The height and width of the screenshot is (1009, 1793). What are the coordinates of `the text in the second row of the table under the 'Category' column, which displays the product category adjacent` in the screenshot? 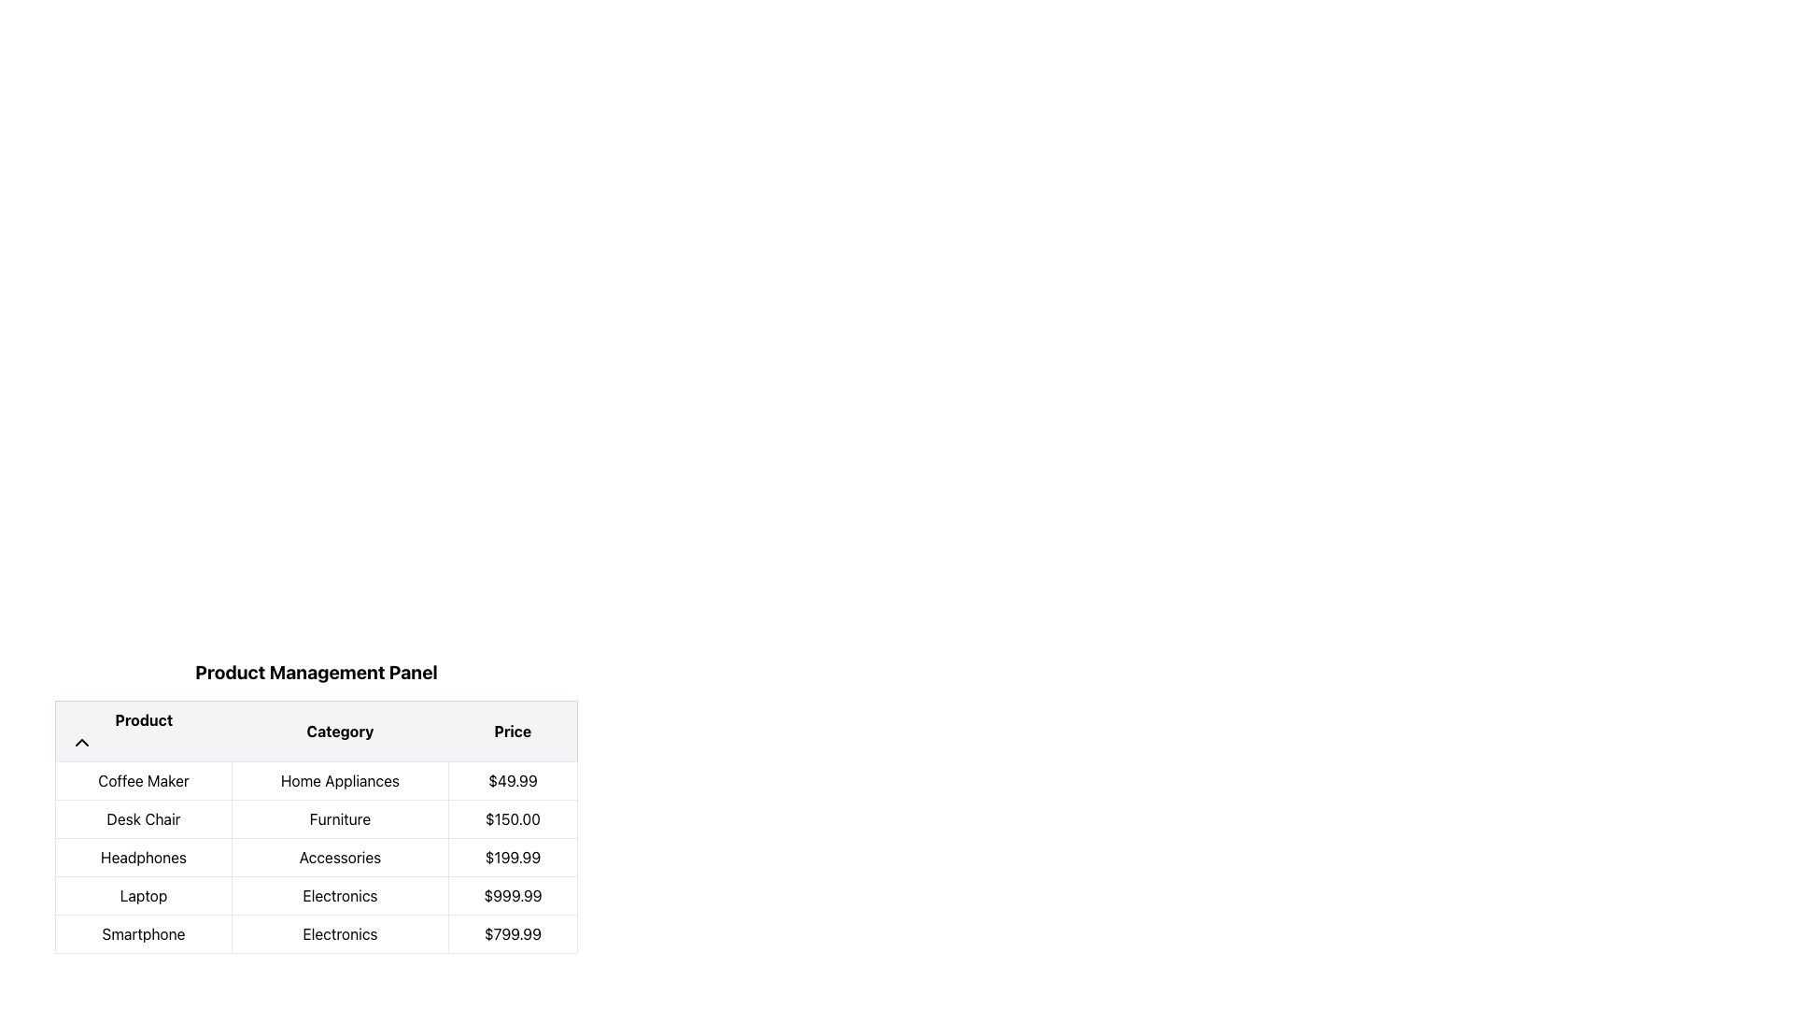 It's located at (340, 817).